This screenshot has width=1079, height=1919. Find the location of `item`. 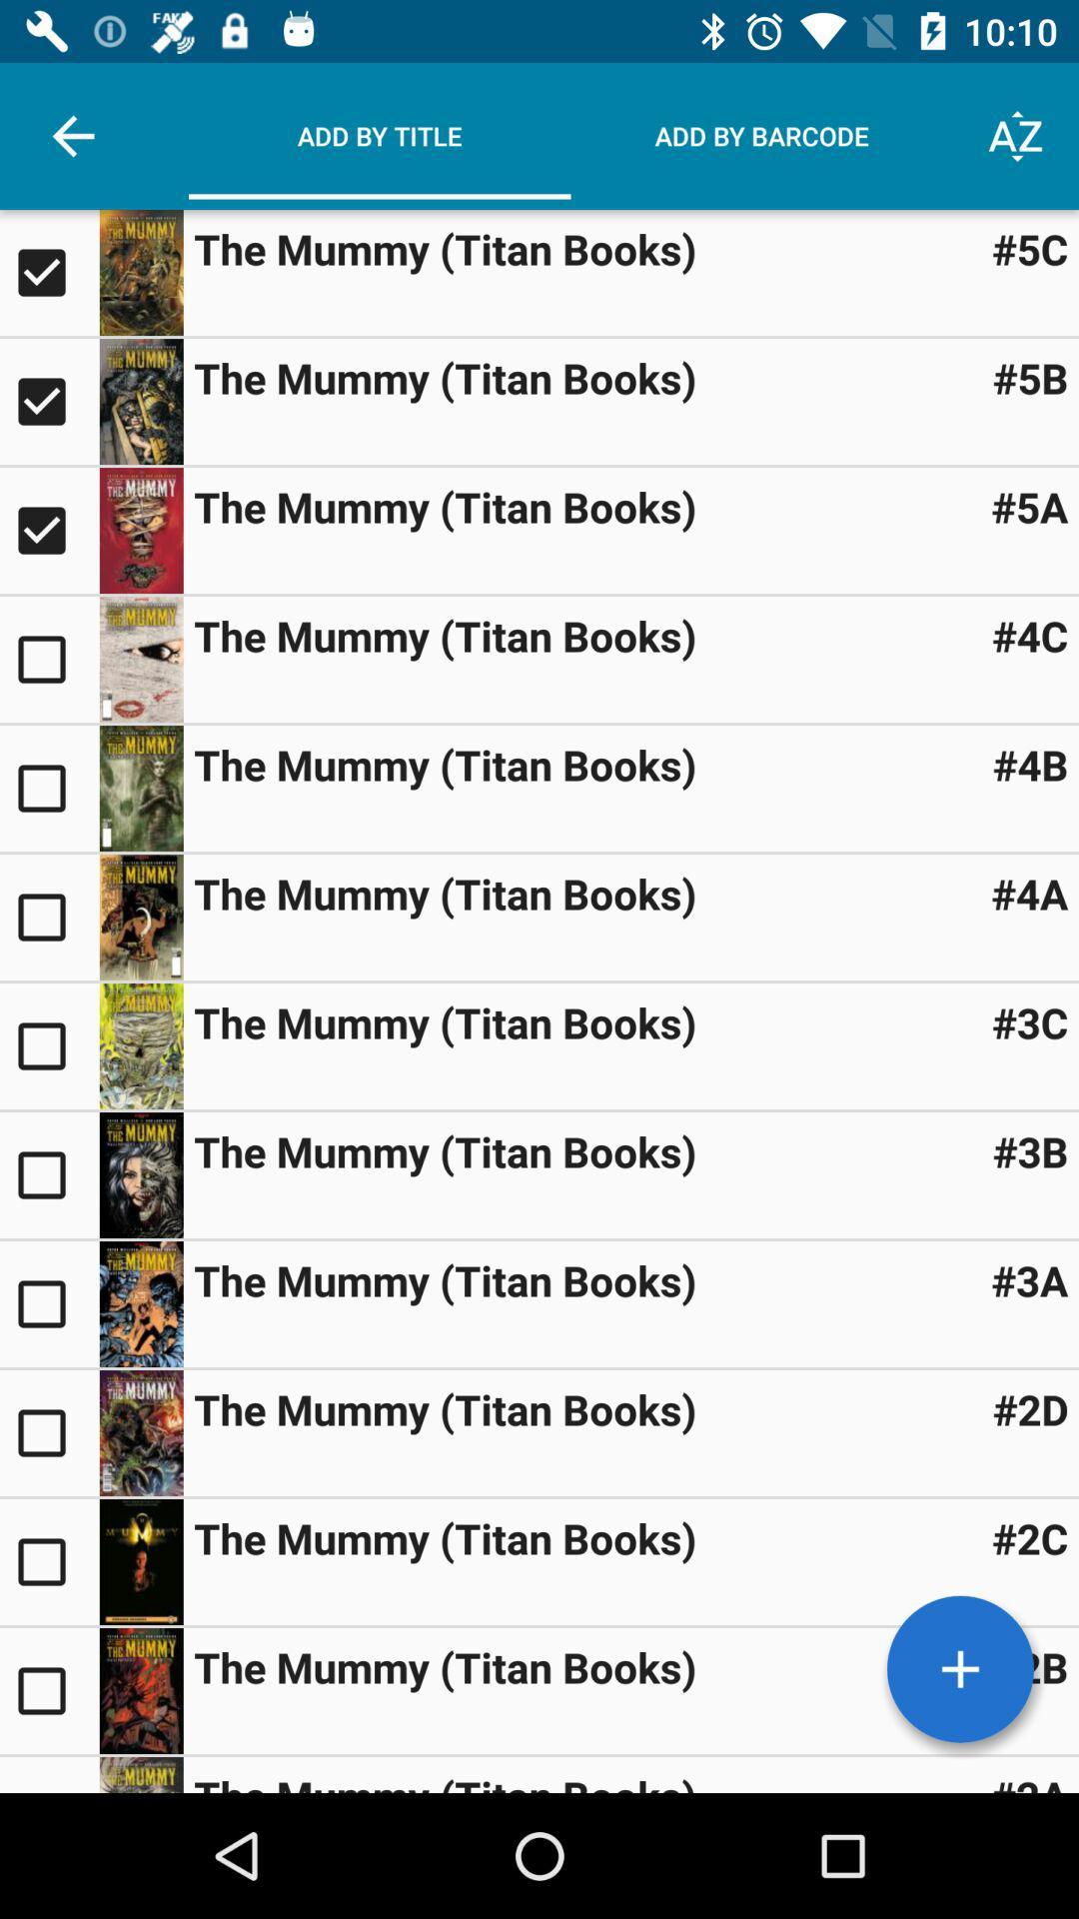

item is located at coordinates (48, 1175).